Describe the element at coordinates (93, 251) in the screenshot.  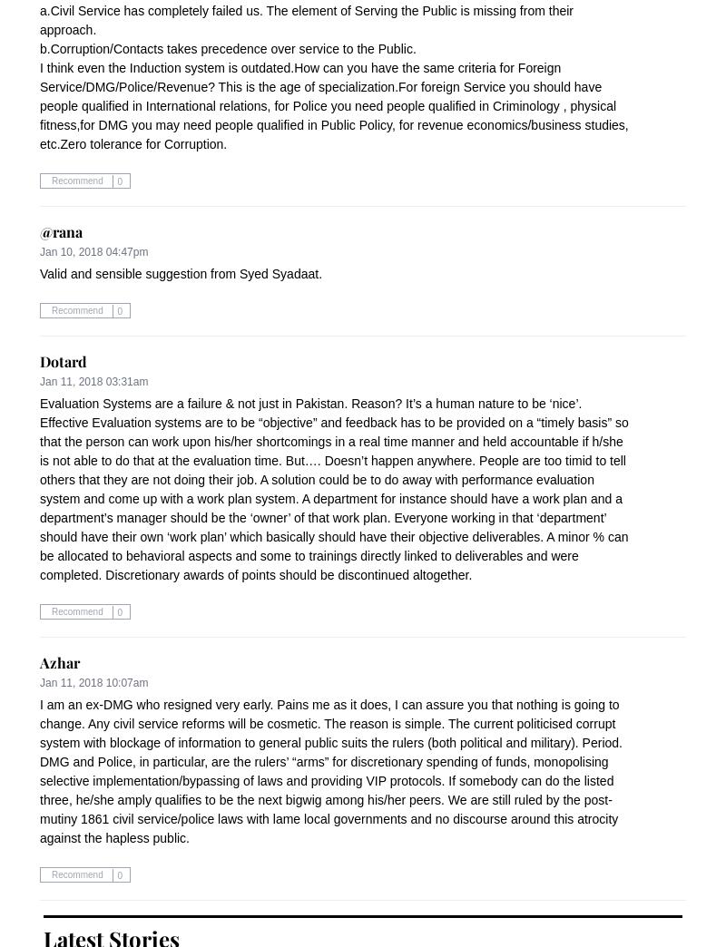
I see `'Jan 10, 2018 04:47pm'` at that location.